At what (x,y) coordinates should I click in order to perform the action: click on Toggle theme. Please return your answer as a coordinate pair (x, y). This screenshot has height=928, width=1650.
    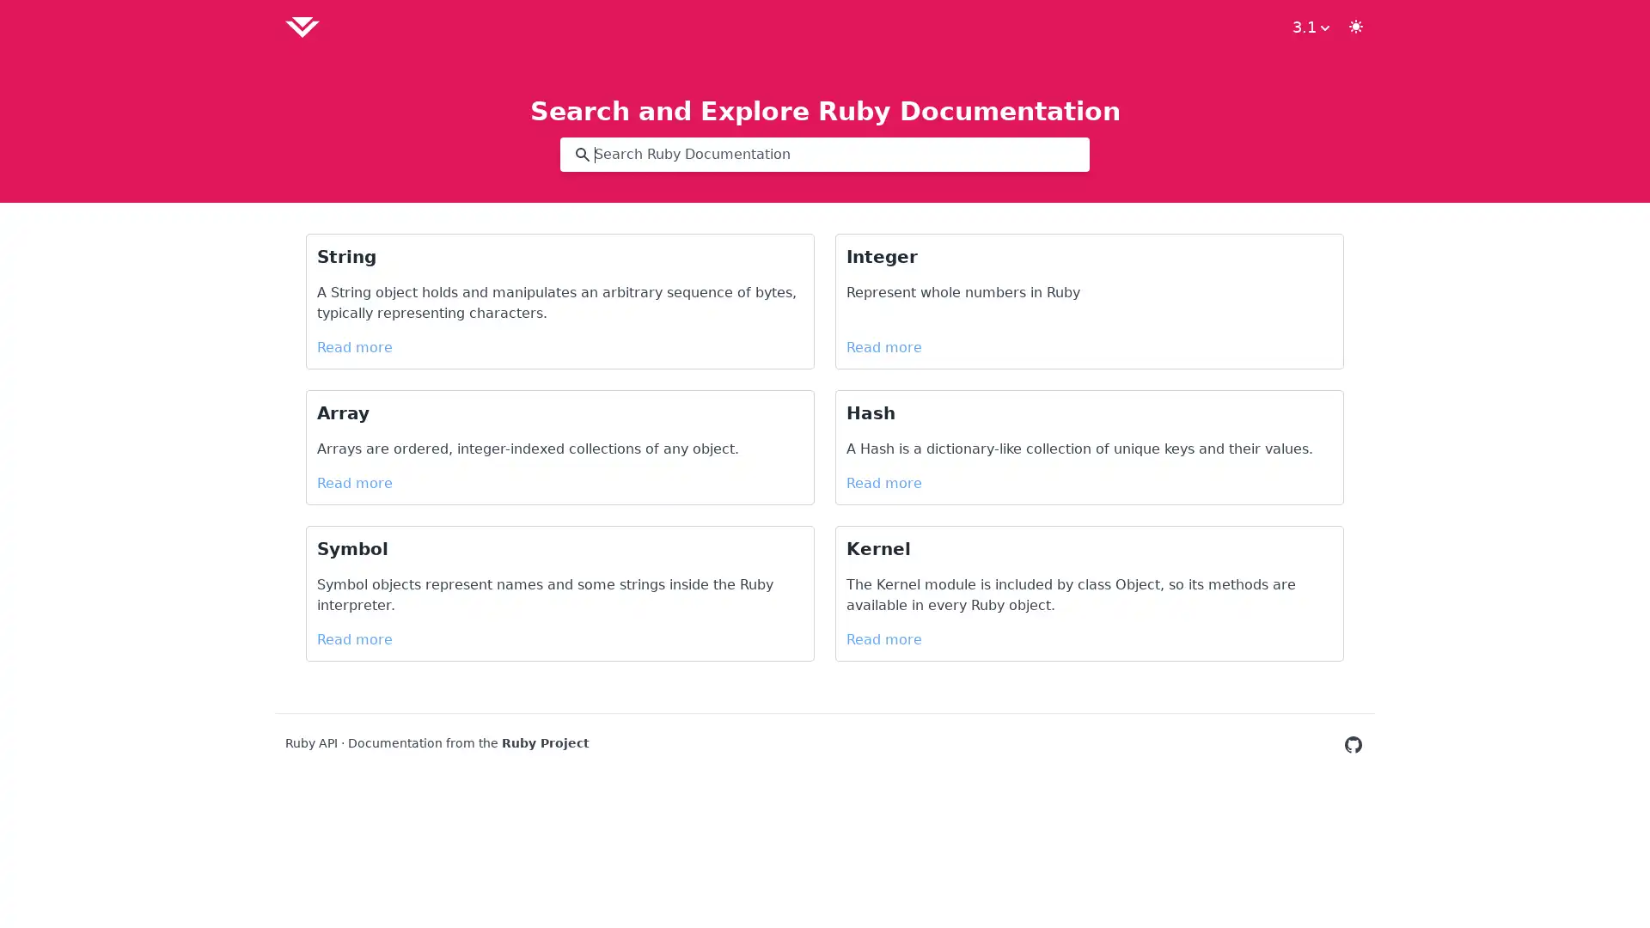
    Looking at the image, I should click on (1355, 26).